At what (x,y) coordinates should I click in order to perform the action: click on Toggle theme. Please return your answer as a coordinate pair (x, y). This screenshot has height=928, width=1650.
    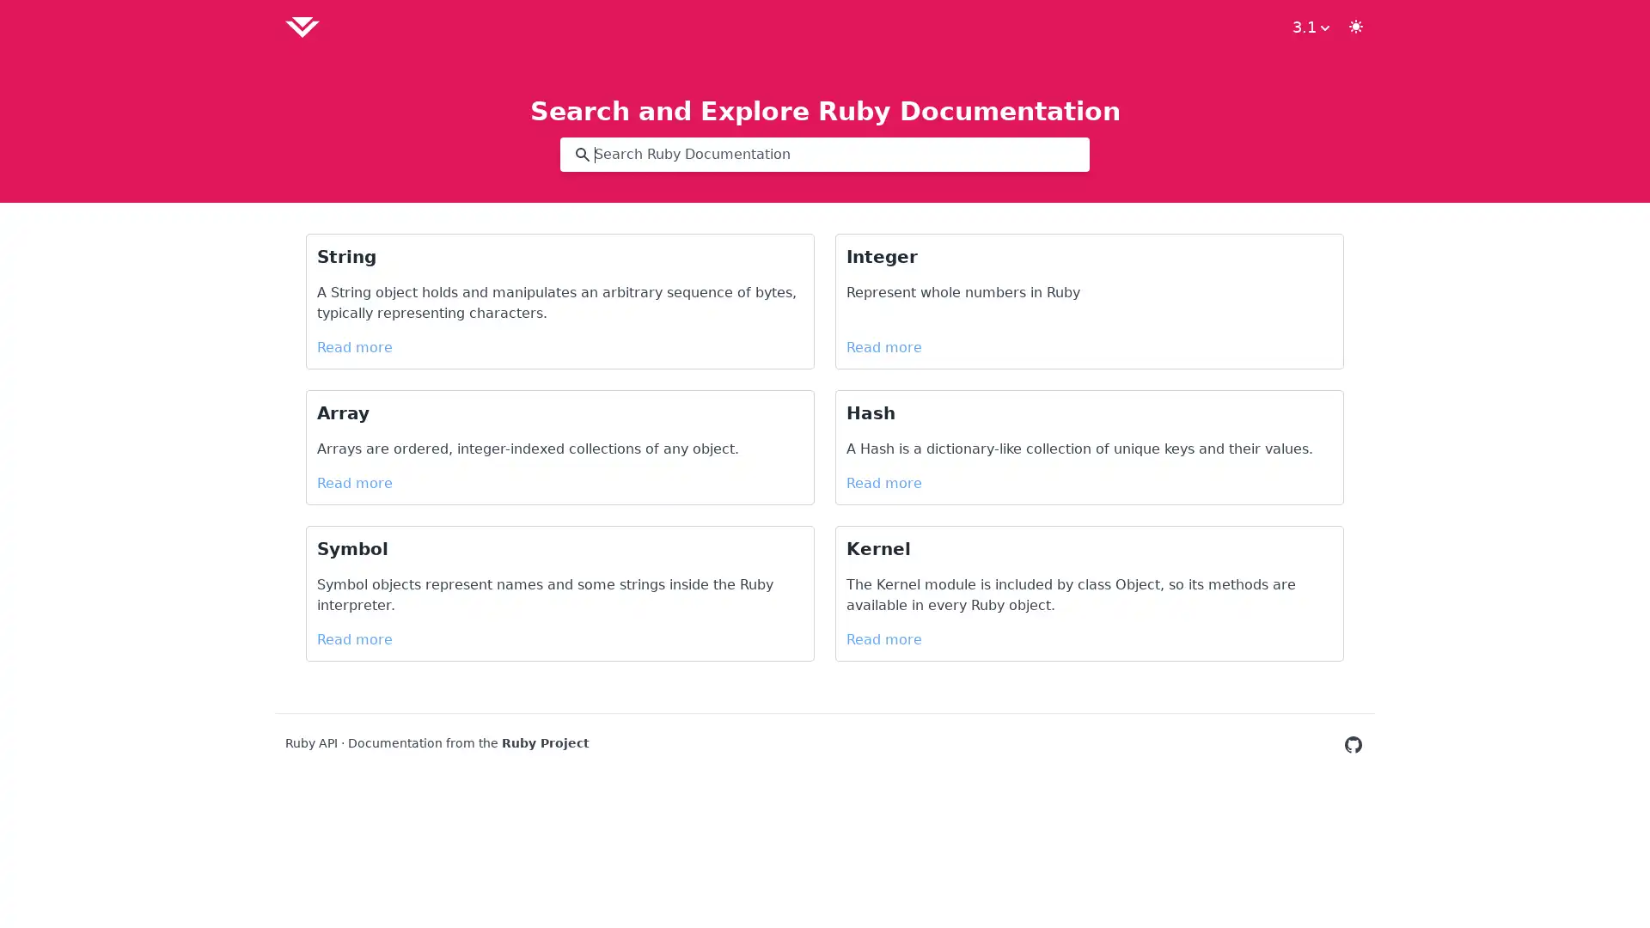
    Looking at the image, I should click on (1355, 26).